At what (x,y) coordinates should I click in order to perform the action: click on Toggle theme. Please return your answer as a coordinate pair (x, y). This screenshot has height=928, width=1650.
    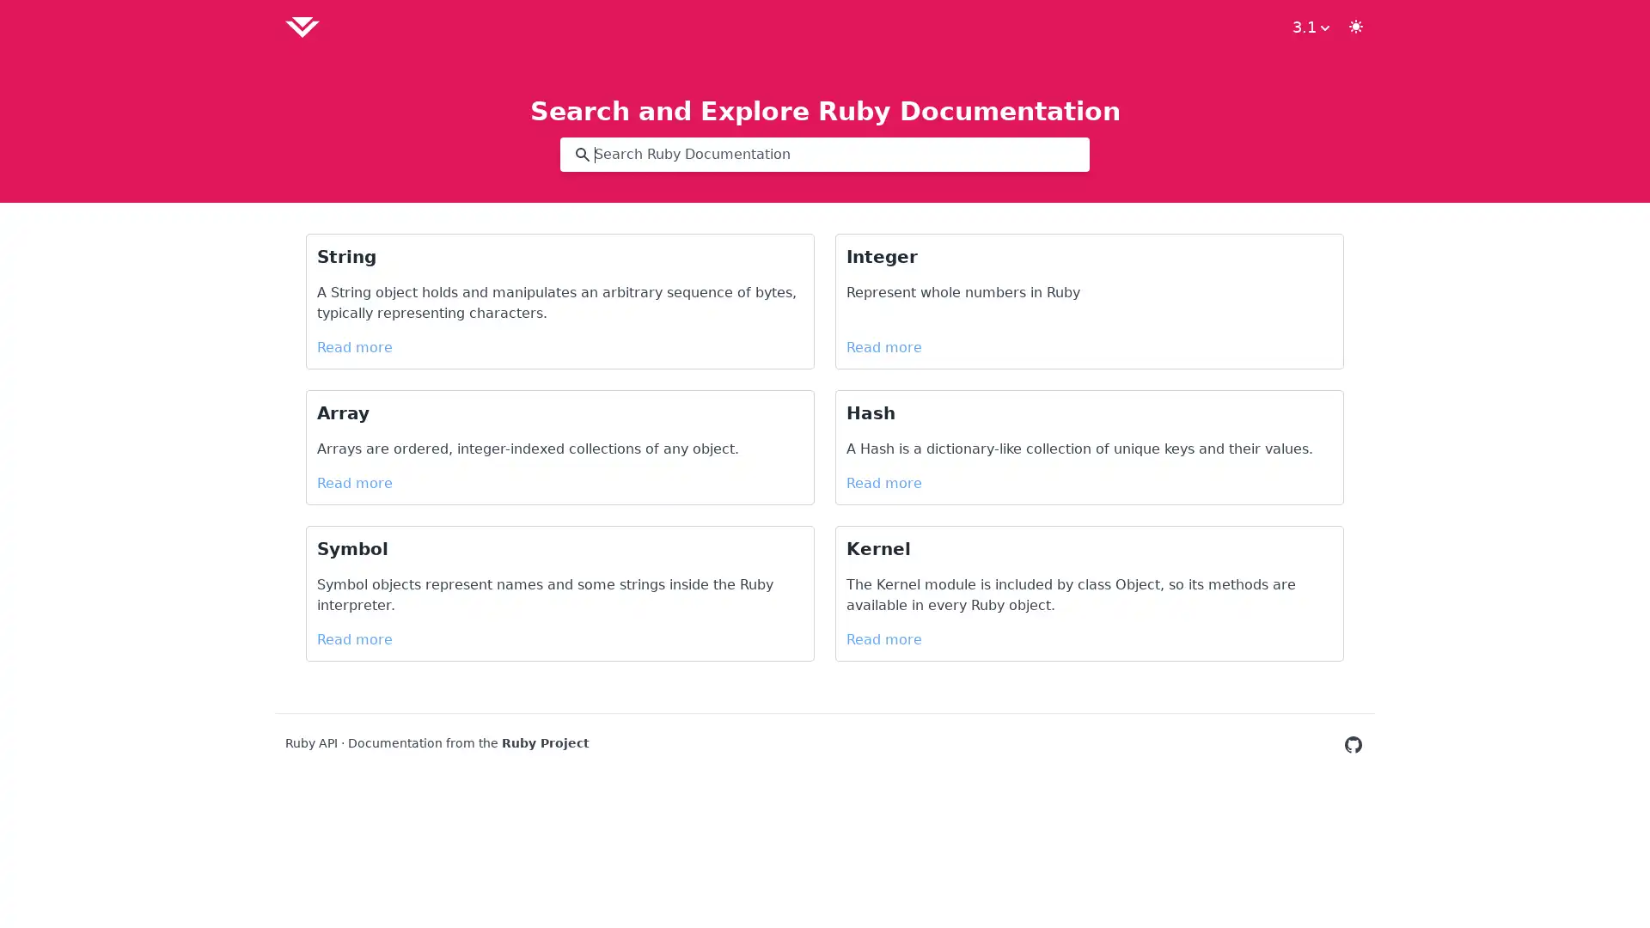
    Looking at the image, I should click on (1355, 26).